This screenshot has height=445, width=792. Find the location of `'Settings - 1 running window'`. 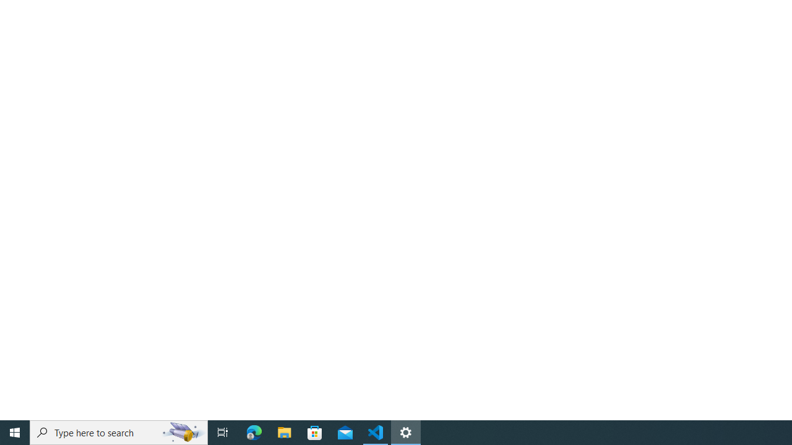

'Settings - 1 running window' is located at coordinates (406, 431).